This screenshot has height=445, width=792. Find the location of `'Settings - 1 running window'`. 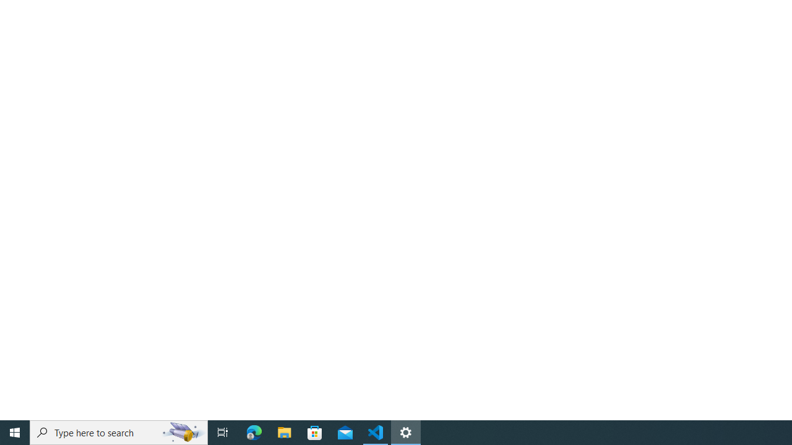

'Settings - 1 running window' is located at coordinates (406, 431).